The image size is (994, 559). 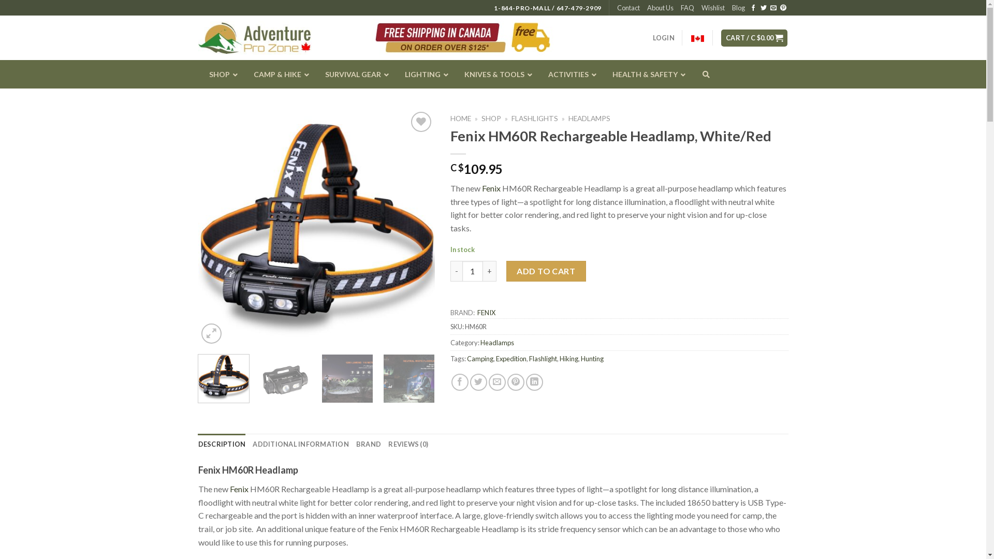 I want to click on 'FLASHLIGHTS', so click(x=534, y=117).